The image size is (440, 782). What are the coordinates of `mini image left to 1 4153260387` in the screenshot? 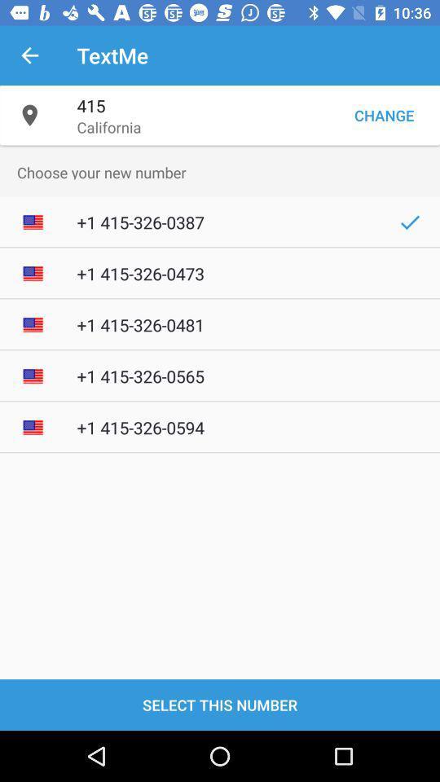 It's located at (33, 222).